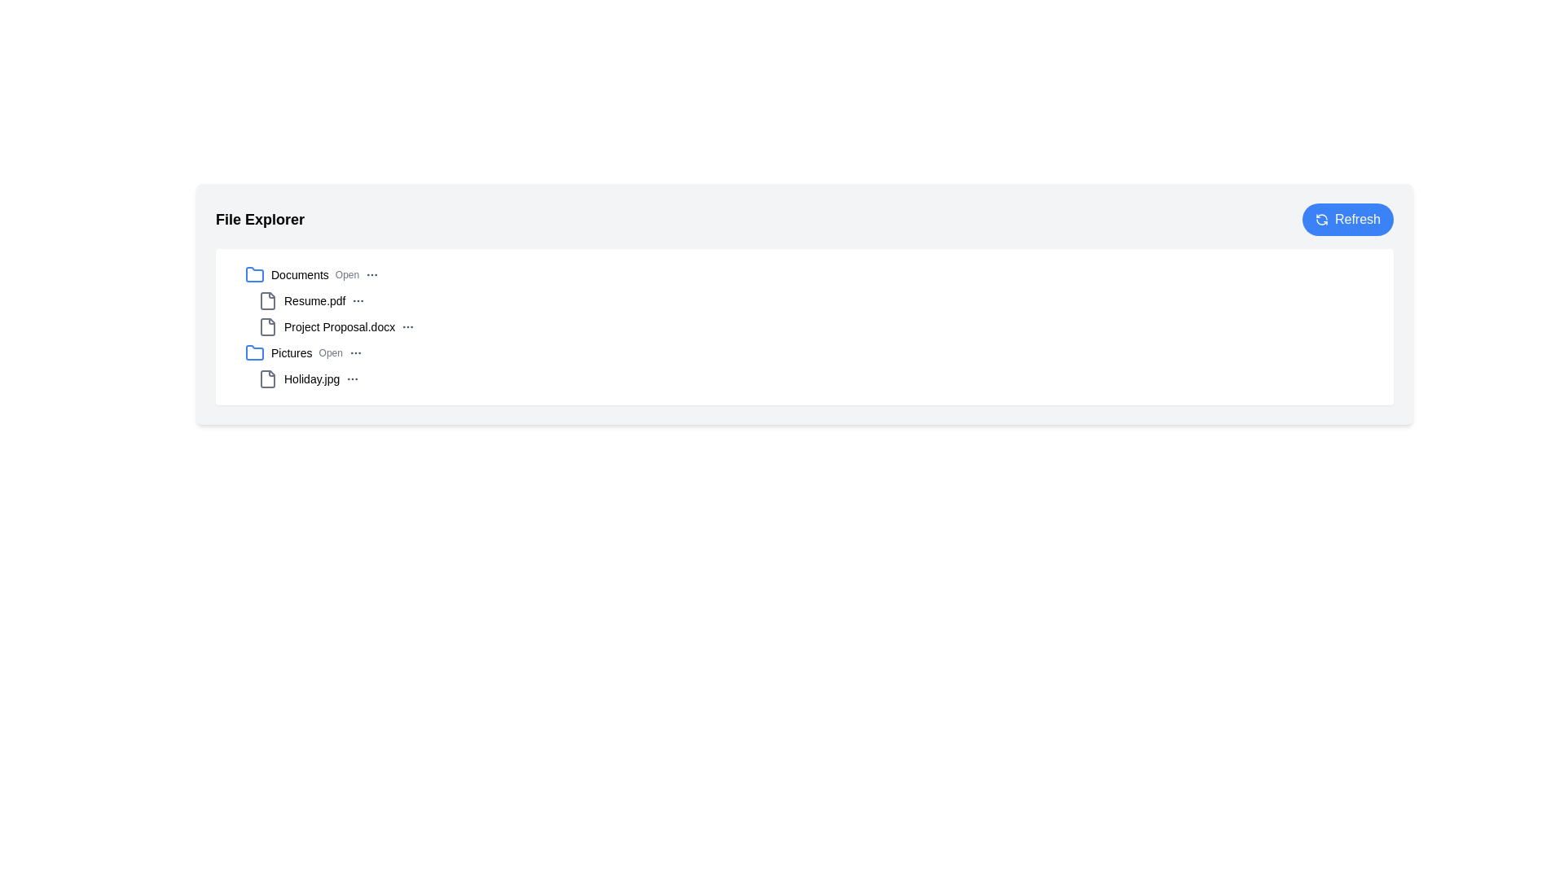 The height and width of the screenshot is (879, 1564). Describe the element at coordinates (253, 352) in the screenshot. I see `the SVG Icon representing the folder named 'Pictures' located in the second row of the file list, immediately to the left of the 'Pictures' text label` at that location.